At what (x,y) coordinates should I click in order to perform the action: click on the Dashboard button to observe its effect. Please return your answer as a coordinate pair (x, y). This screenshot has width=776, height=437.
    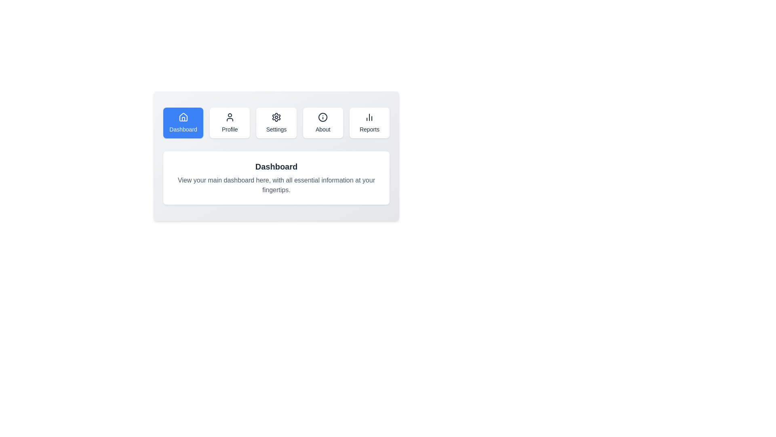
    Looking at the image, I should click on (183, 123).